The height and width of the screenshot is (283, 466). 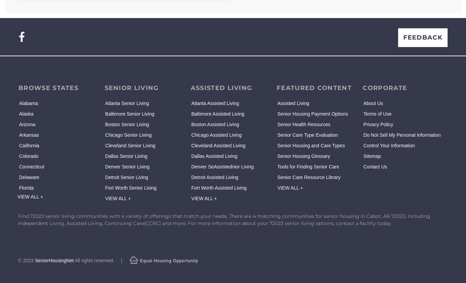 What do you see at coordinates (384, 88) in the screenshot?
I see `'CORPORATE'` at bounding box center [384, 88].